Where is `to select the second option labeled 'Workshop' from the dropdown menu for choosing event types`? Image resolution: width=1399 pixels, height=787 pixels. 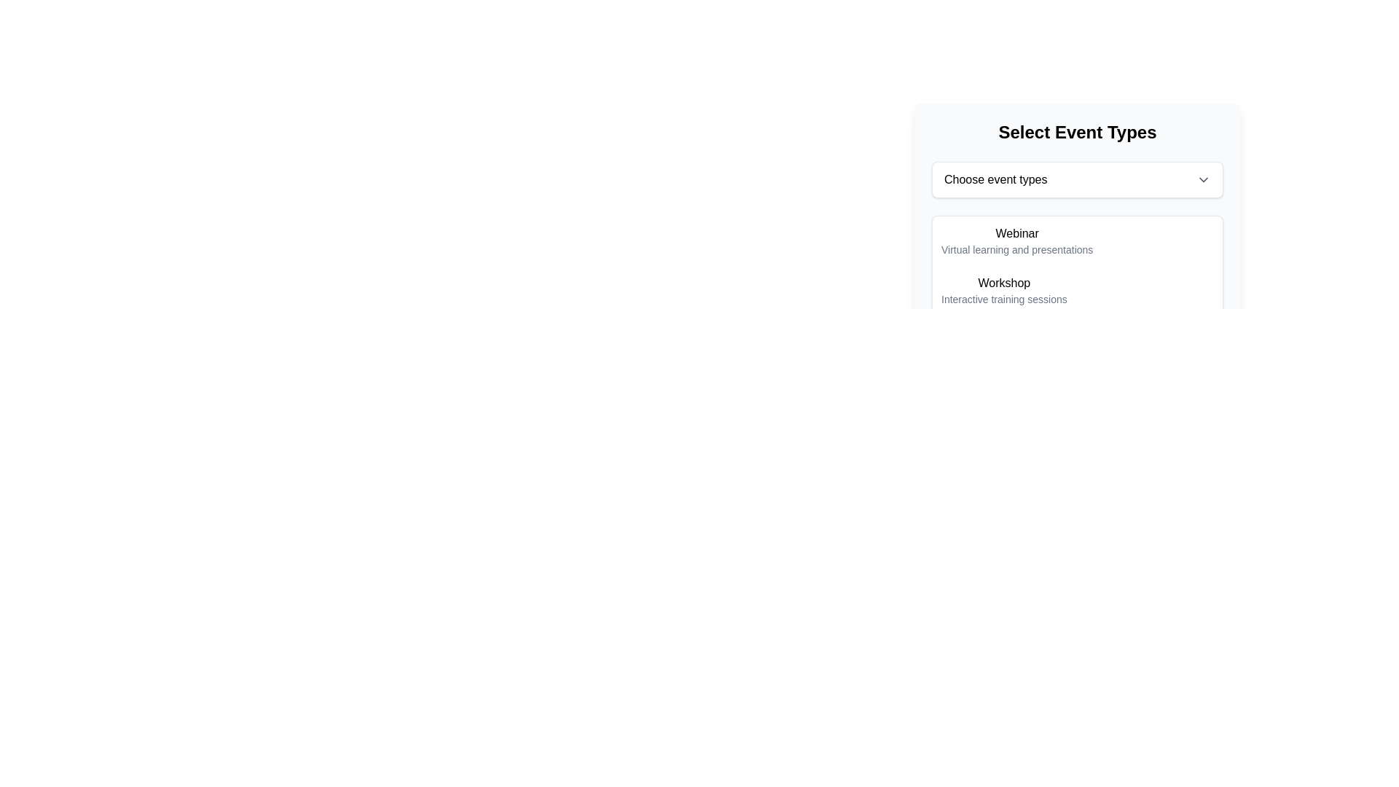 to select the second option labeled 'Workshop' from the dropdown menu for choosing event types is located at coordinates (1077, 290).